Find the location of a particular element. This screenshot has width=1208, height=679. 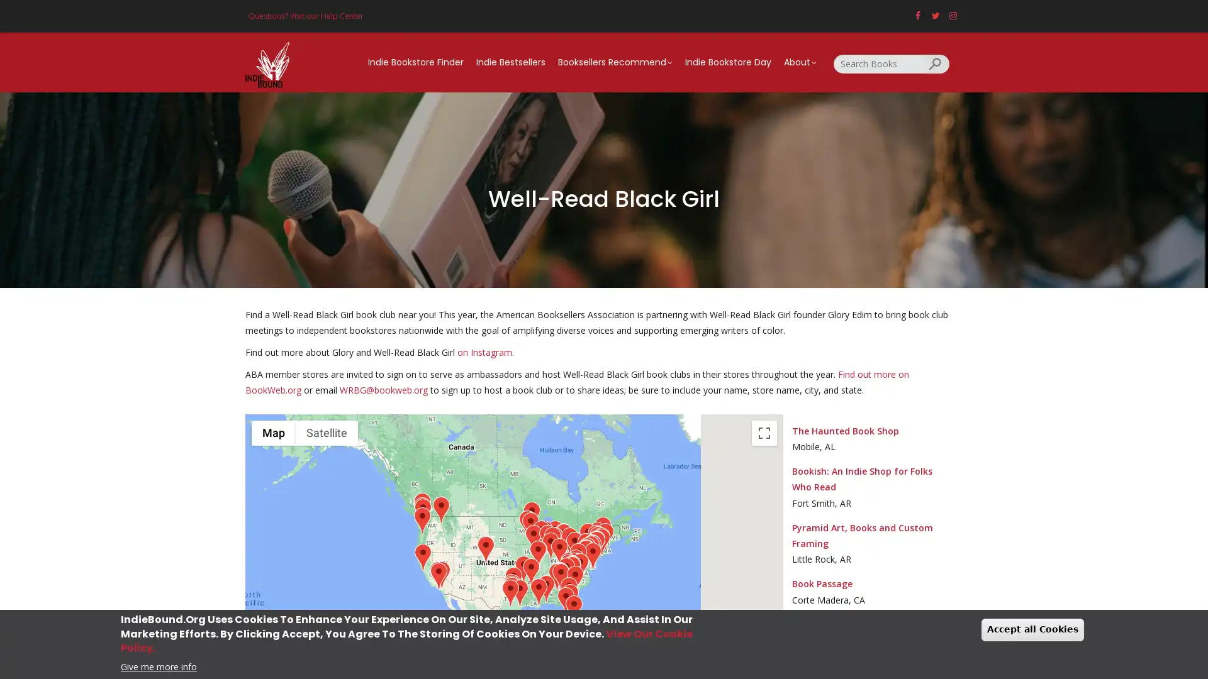

Bel Canto Books is located at coordinates (438, 575).